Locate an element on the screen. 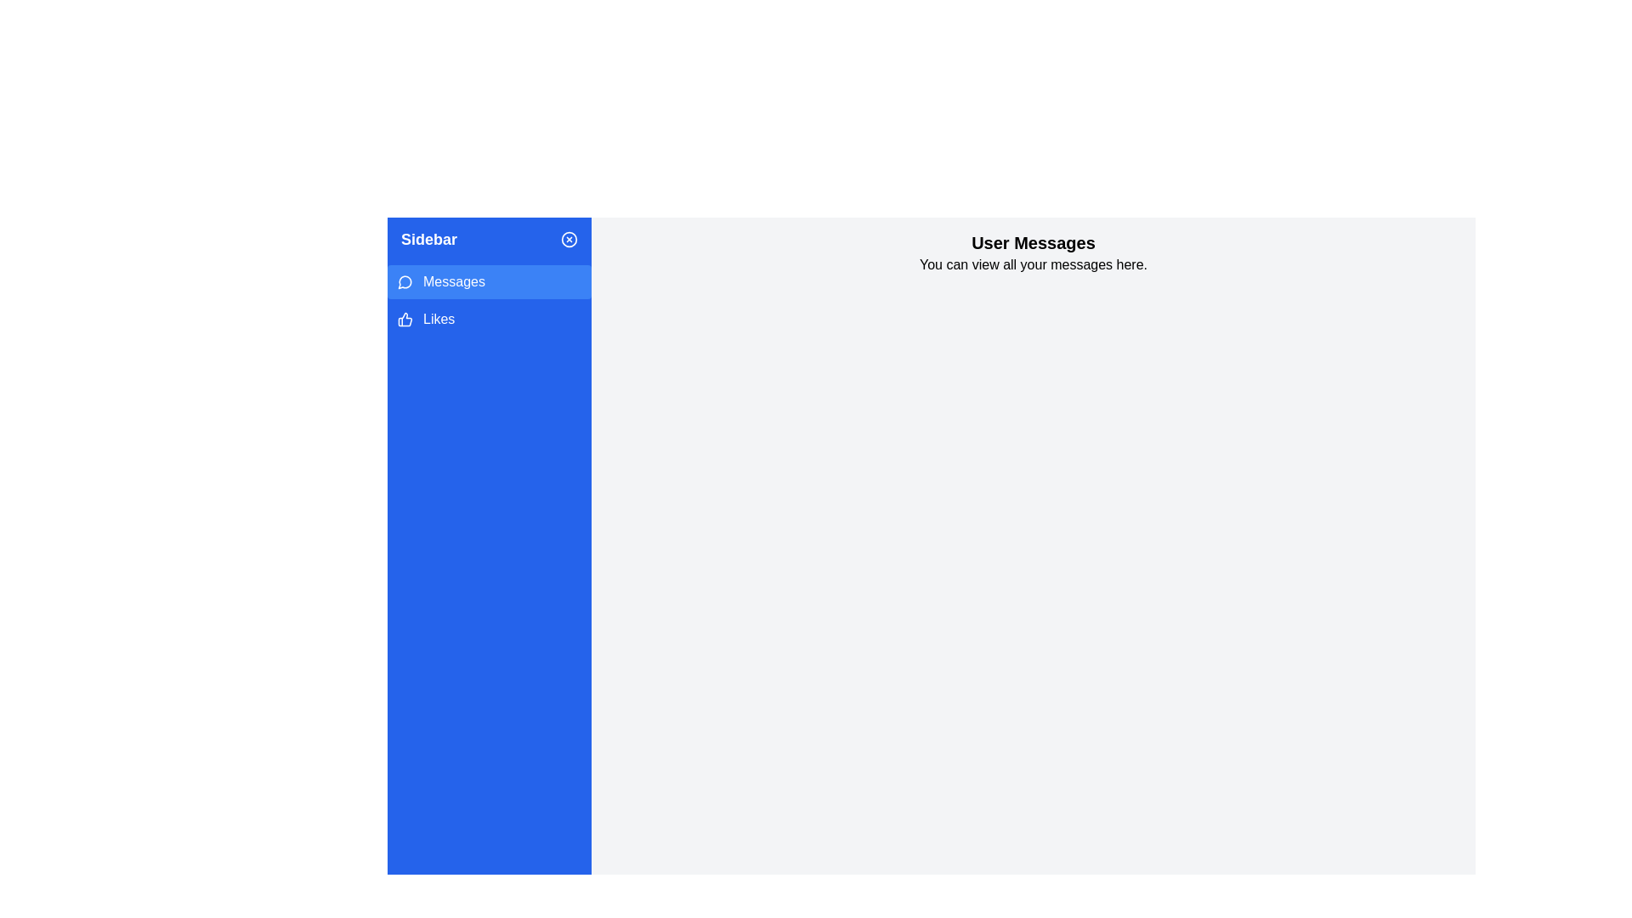 This screenshot has height=918, width=1632. the 'Likes' text label located in the sidebar, immediately following the thumbs-up icon, to interact with the section is located at coordinates (439, 319).